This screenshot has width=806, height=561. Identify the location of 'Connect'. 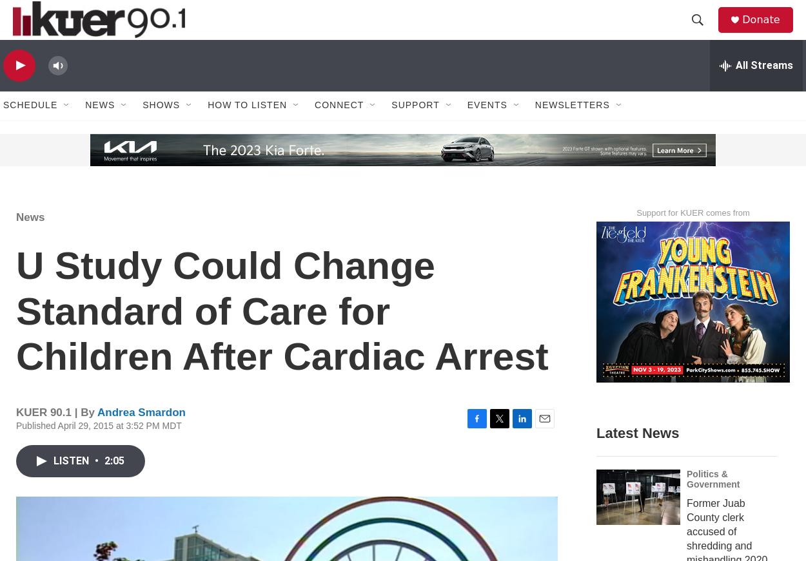
(339, 132).